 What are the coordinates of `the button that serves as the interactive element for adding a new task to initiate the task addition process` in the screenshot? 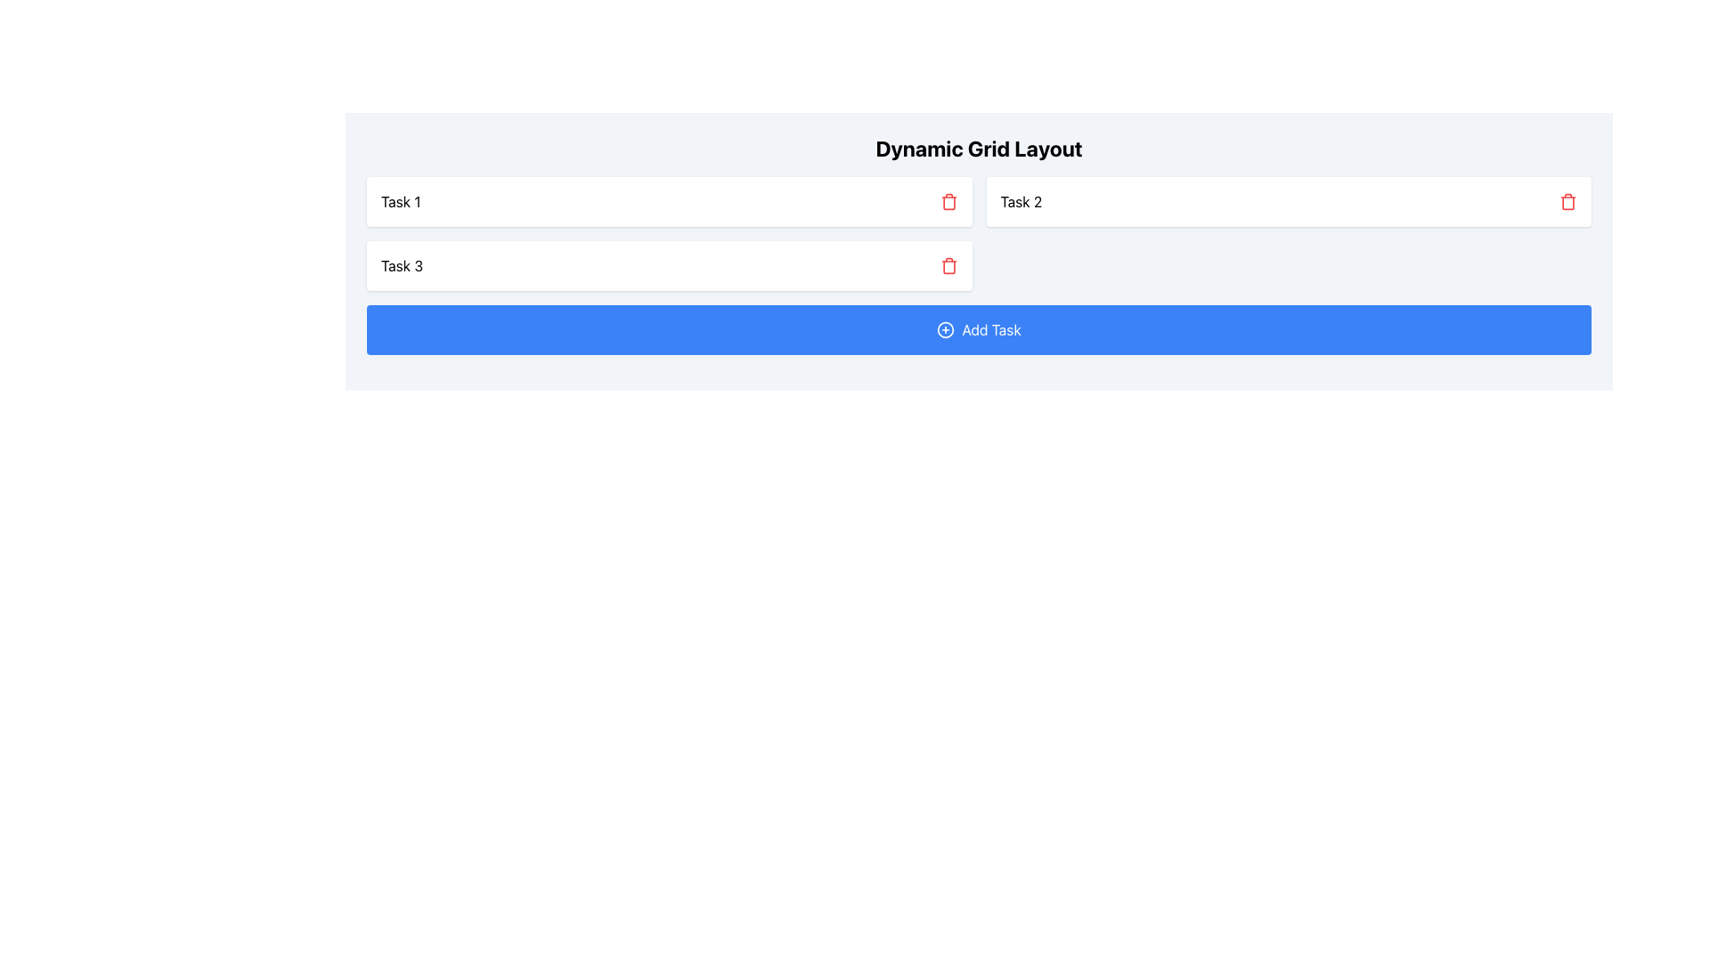 It's located at (978, 329).